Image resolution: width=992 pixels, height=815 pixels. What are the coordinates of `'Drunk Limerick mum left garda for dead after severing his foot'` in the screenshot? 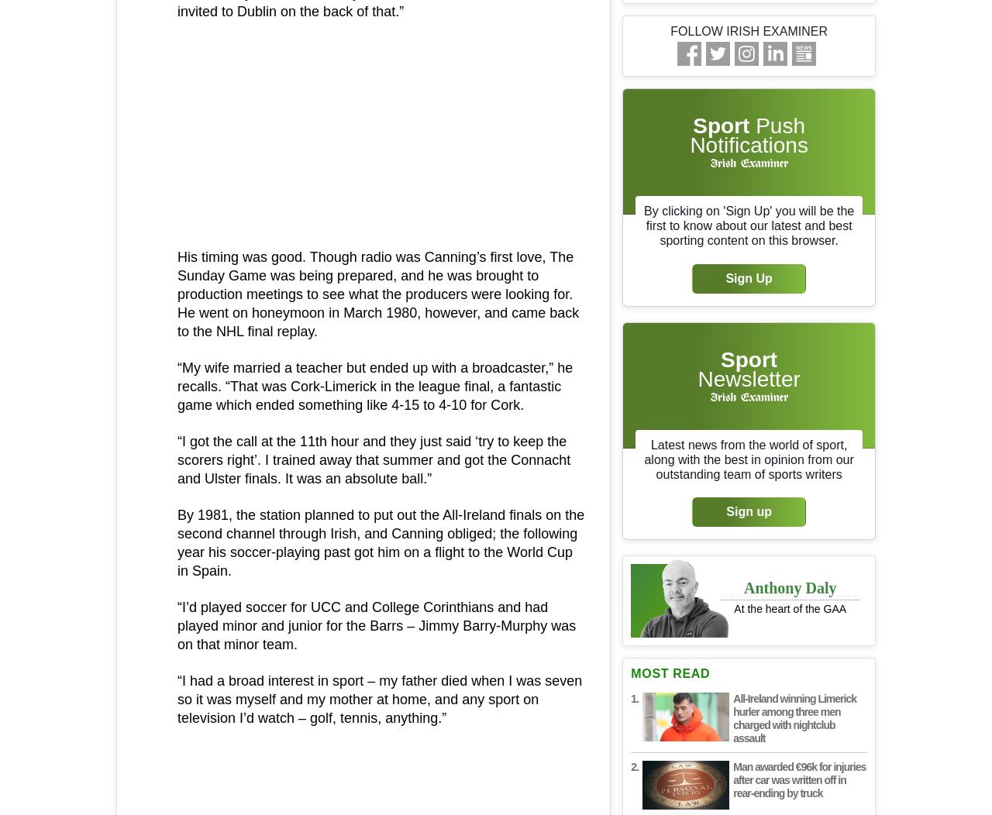 It's located at (359, 297).